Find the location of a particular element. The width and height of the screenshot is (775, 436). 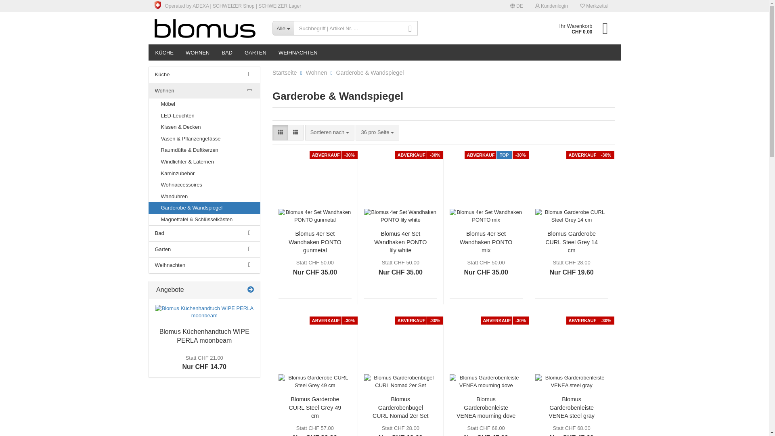

' Merkzettel' is located at coordinates (594, 6).